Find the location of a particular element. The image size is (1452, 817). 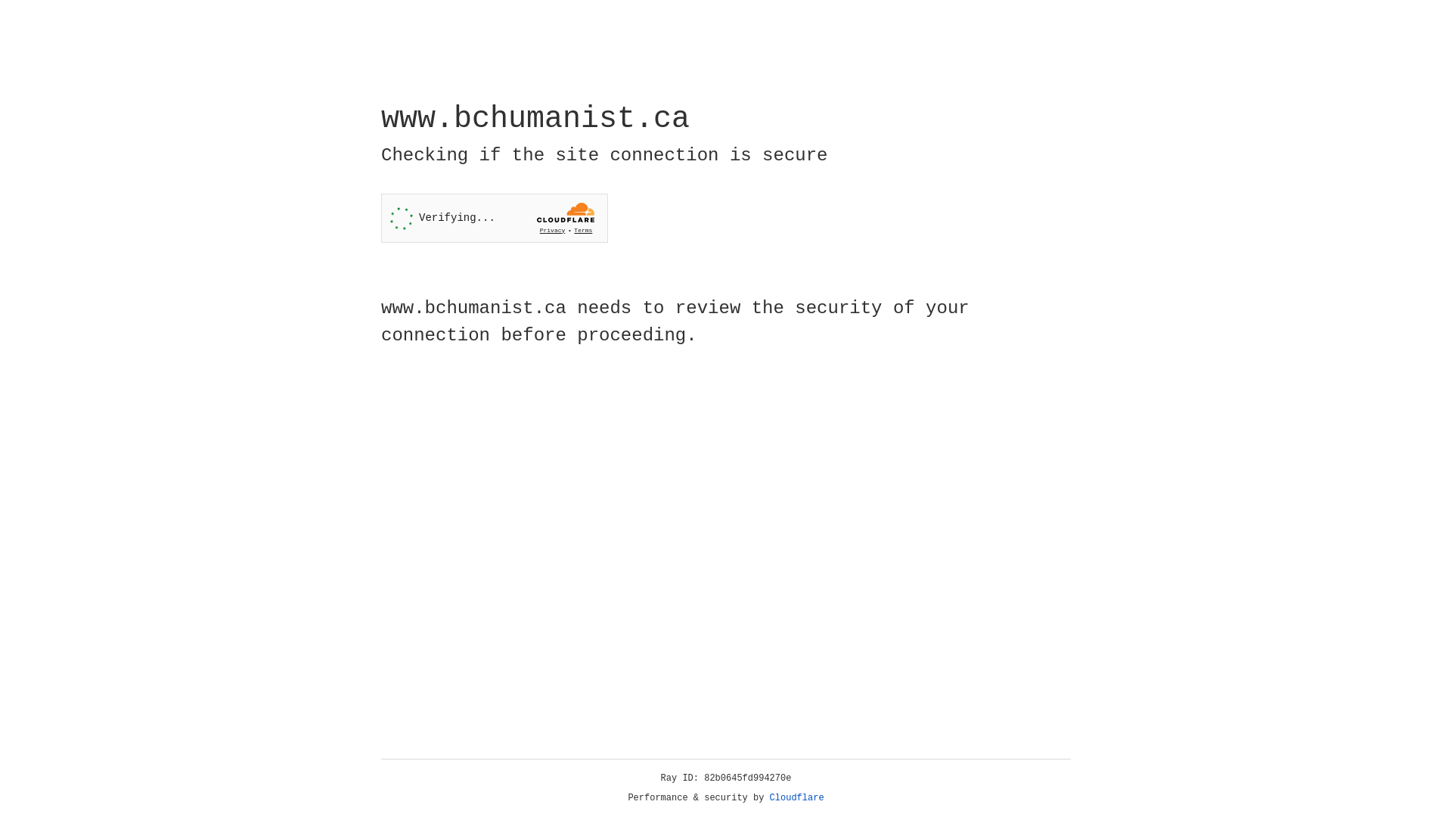

'Cloudflare' is located at coordinates (796, 797).